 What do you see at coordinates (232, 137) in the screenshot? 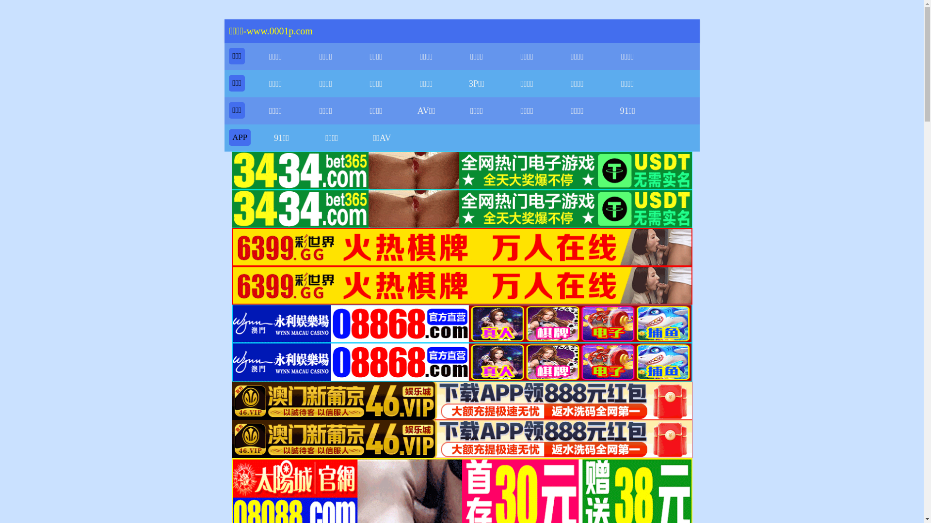
I see `'APP'` at bounding box center [232, 137].